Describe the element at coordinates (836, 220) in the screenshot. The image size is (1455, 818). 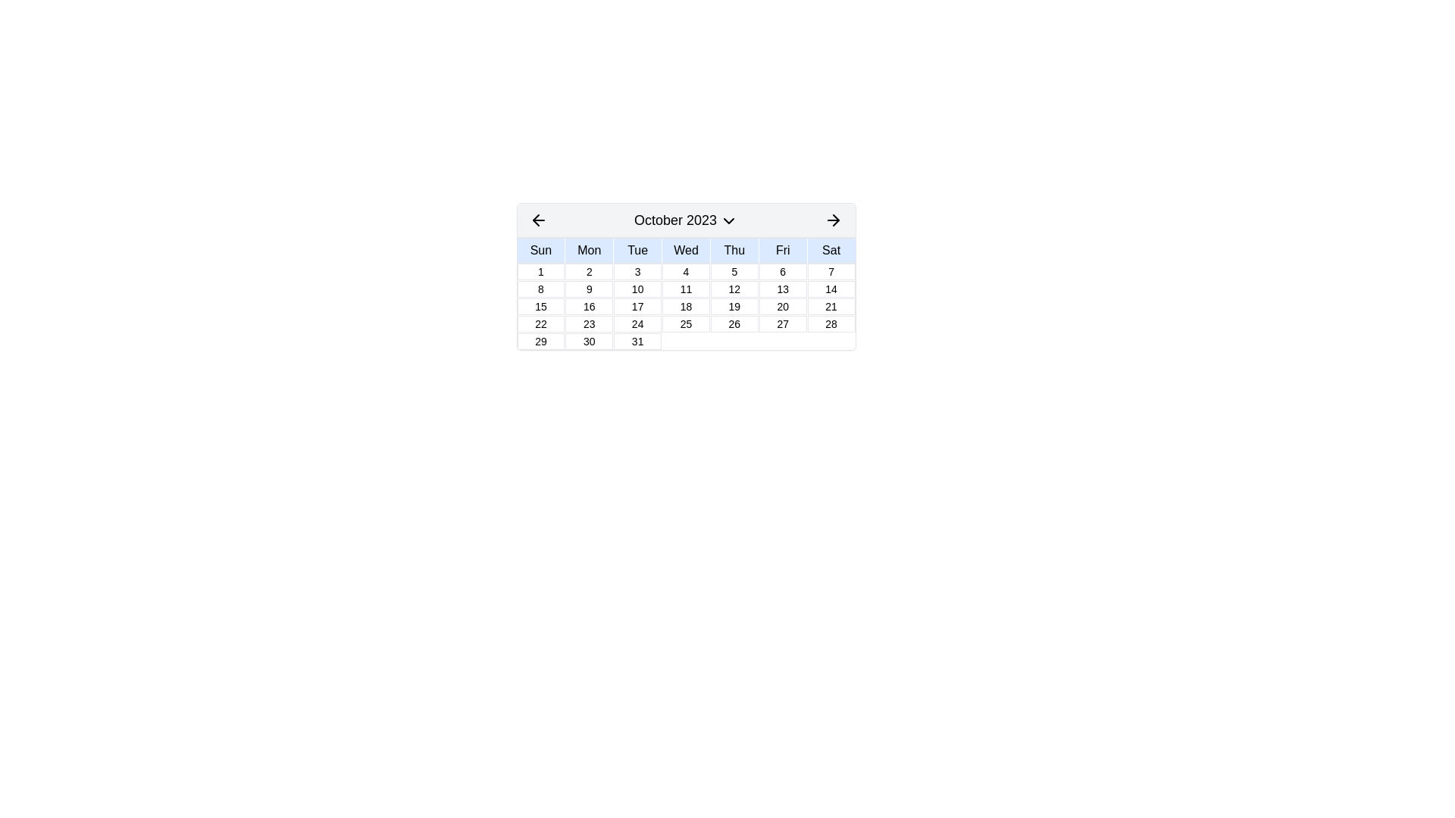
I see `the right-pointing arrow button located in the navigation bar at the top-right corner of the calendar interface` at that location.